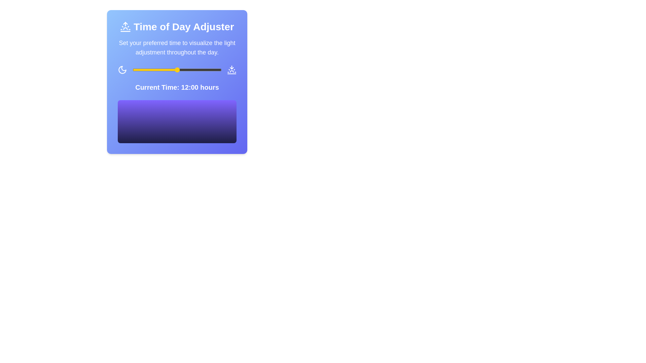 This screenshot has height=363, width=646. Describe the element at coordinates (147, 70) in the screenshot. I see `the slider to set the time to 4 hours` at that location.